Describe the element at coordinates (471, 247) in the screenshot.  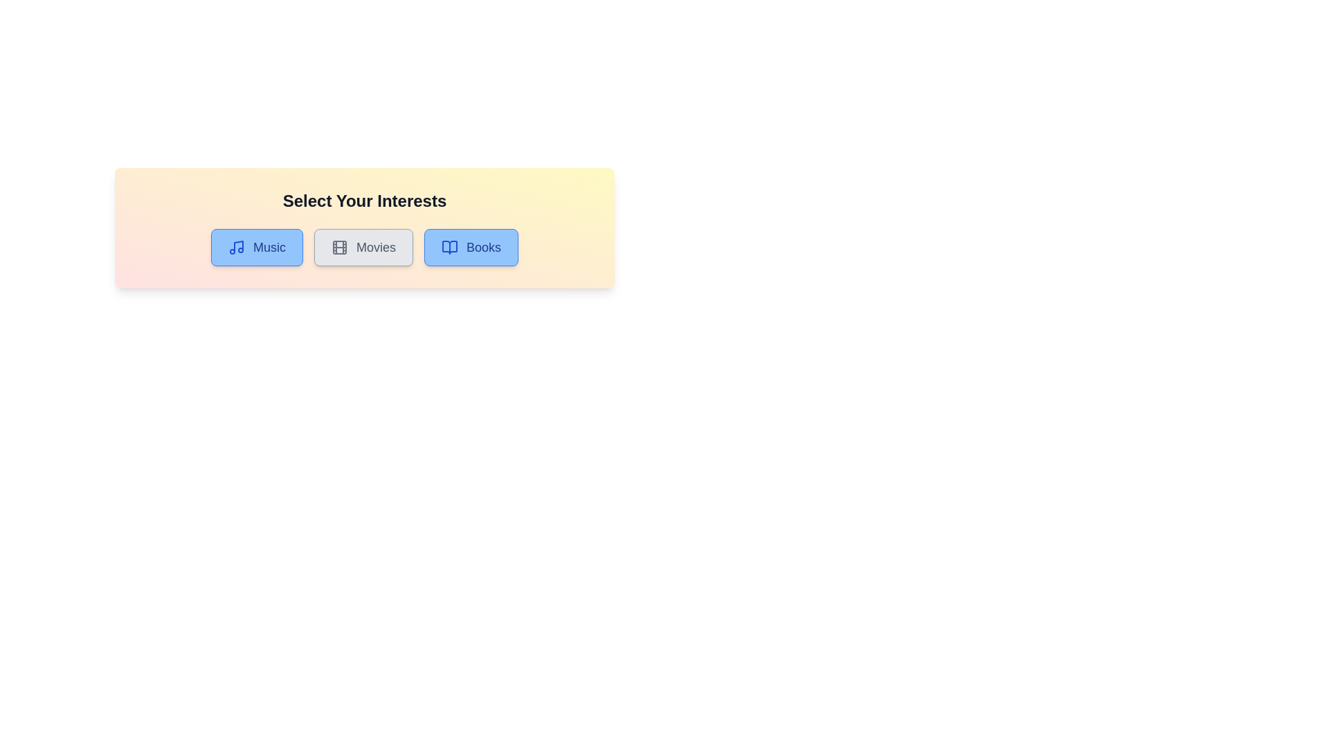
I see `the interest Books by clicking its button` at that location.